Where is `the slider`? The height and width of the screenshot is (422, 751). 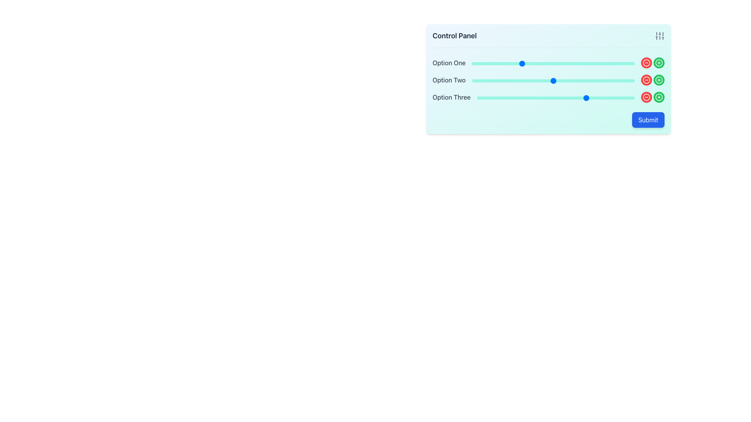
the slider is located at coordinates (633, 81).